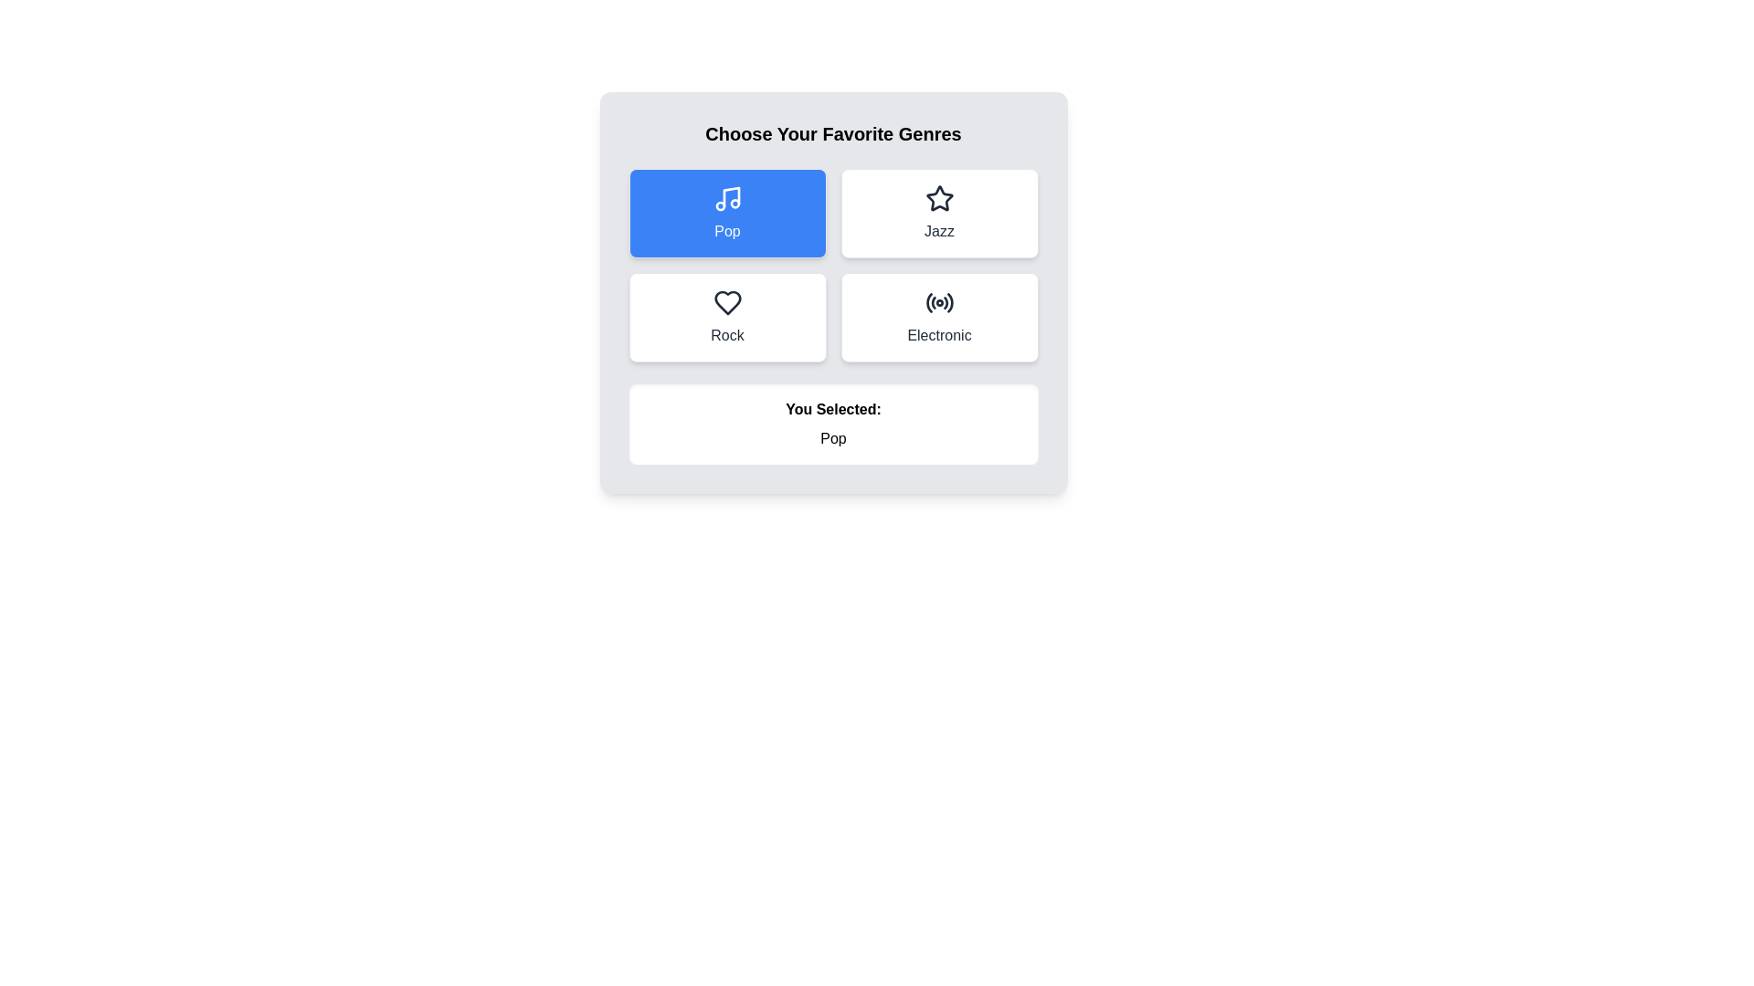 The width and height of the screenshot is (1754, 986). I want to click on the genre button labeled Pop to observe the hover effect, so click(726, 213).